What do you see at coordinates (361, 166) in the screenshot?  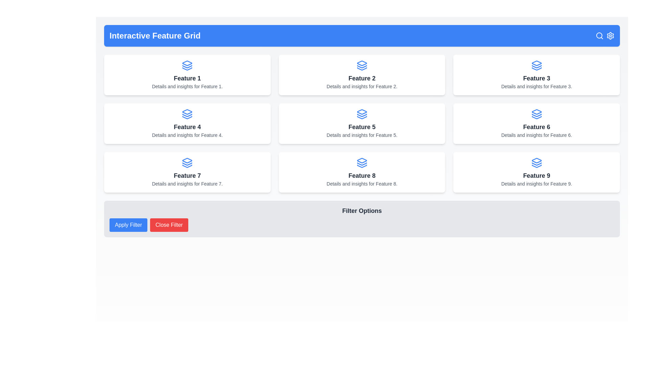 I see `the graphical icon segment that visually represents layers, located within the eighth feature tile in the third row of the grid` at bounding box center [361, 166].